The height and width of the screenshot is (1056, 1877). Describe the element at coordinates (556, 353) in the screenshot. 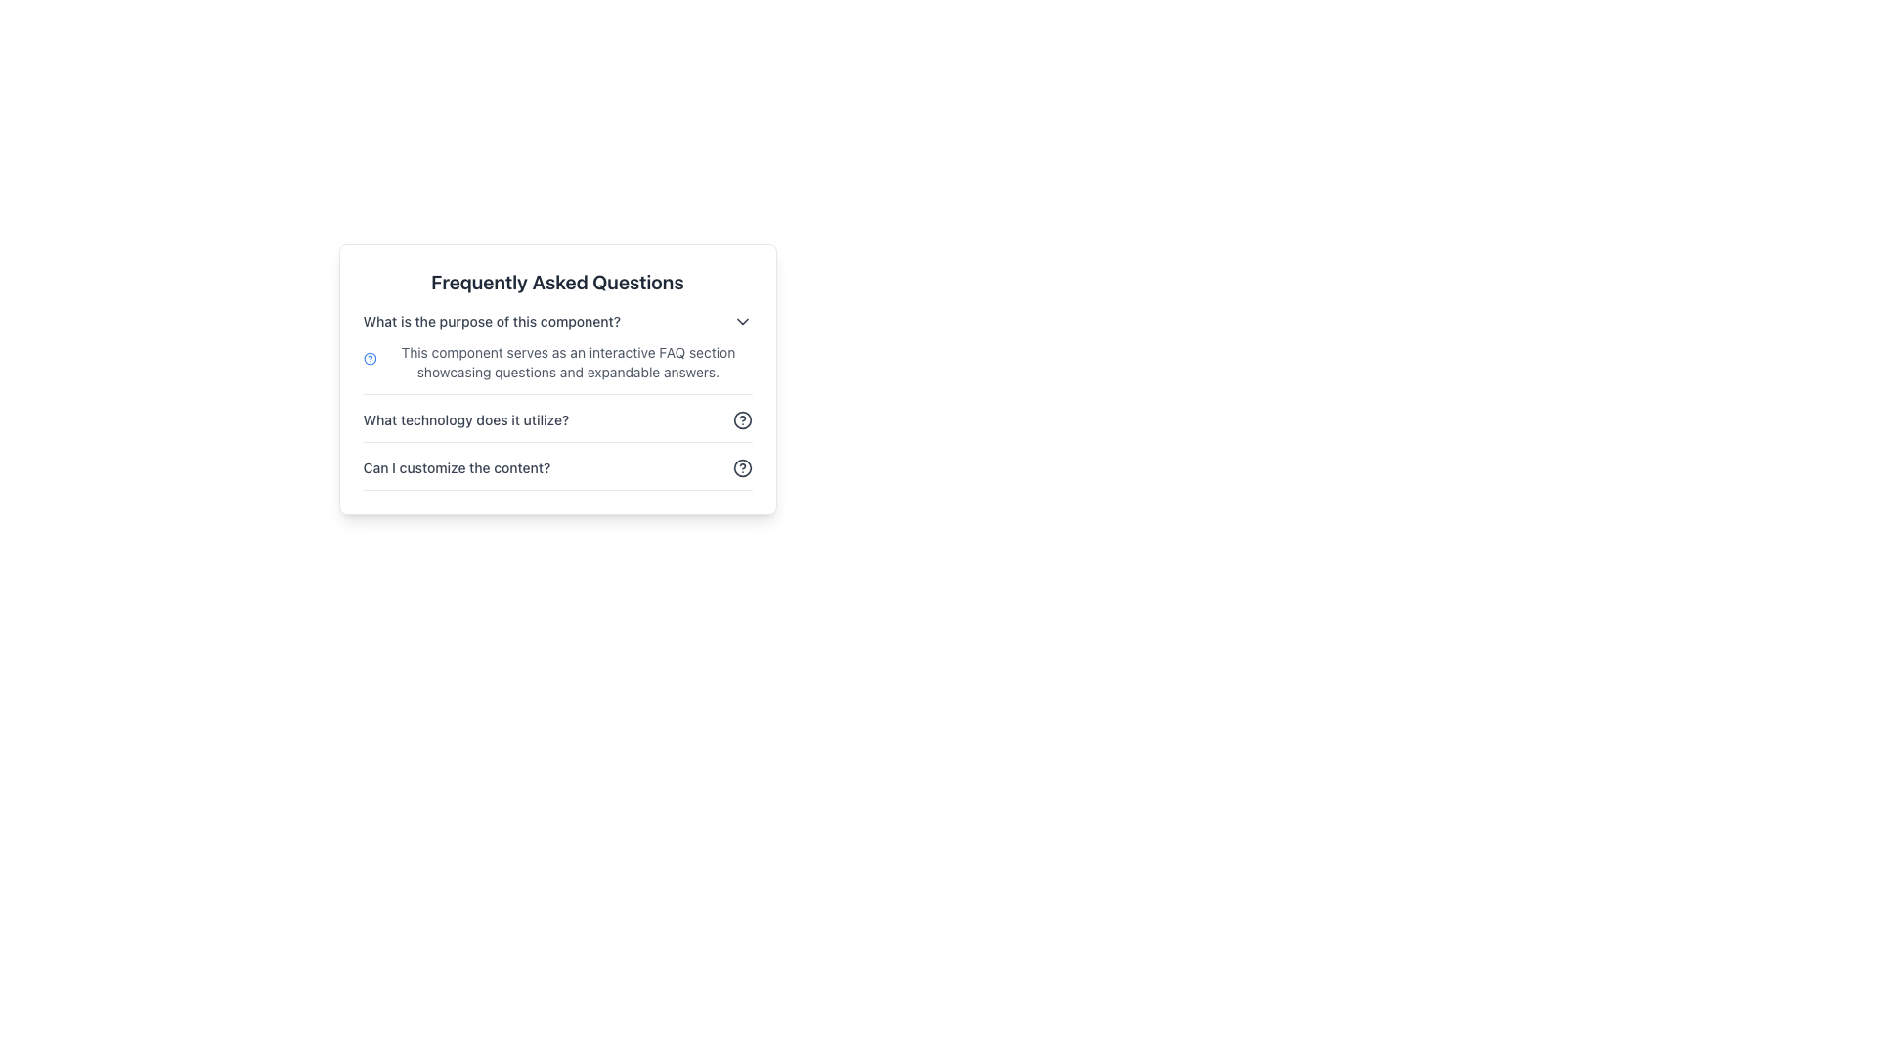

I see `the top question in the FAQ list to read the question and answer content` at that location.